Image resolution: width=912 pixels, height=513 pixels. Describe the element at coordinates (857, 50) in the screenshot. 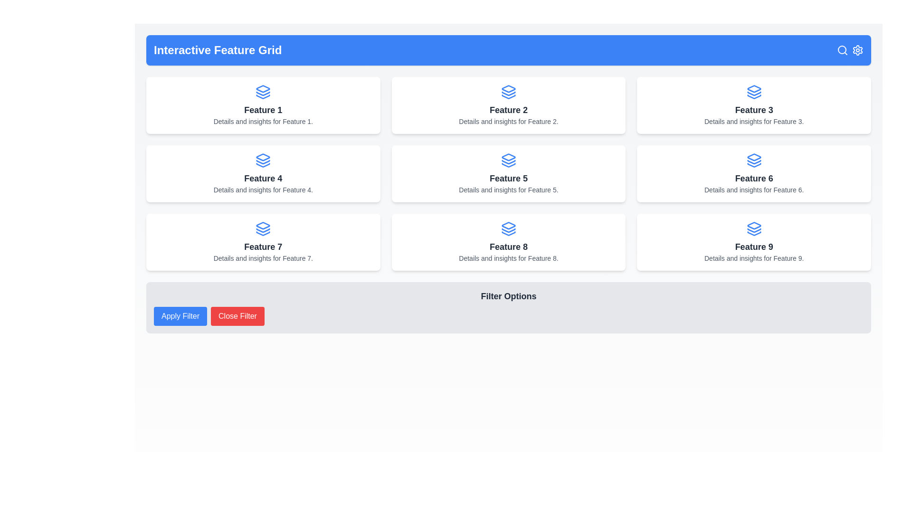

I see `the settings icon, which is a gear design styled in white on a blue background, located in the top-right toolbar next to the search icon` at that location.